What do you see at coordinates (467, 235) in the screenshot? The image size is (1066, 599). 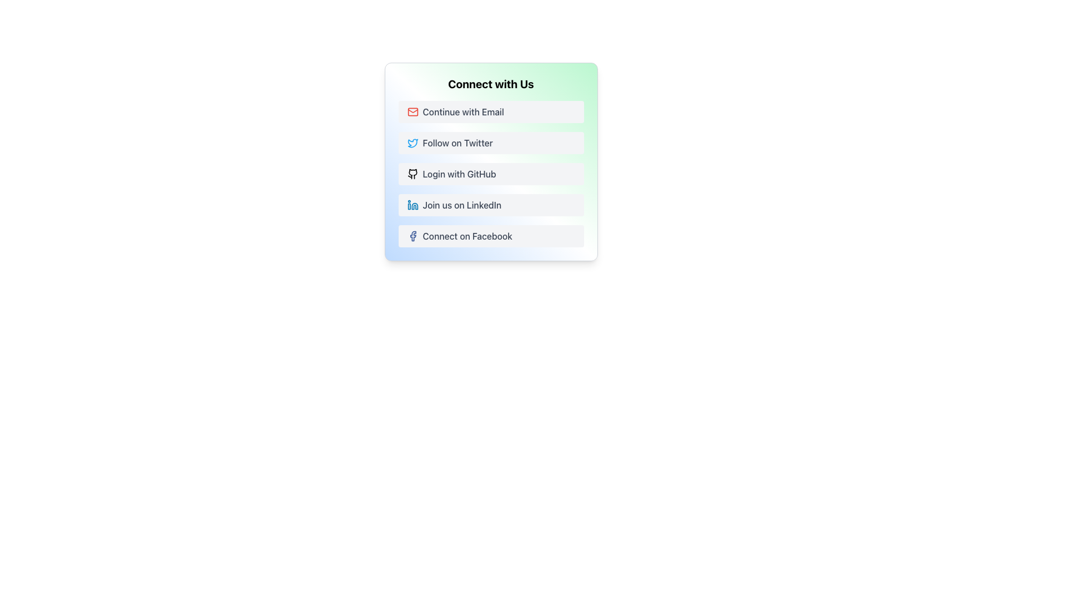 I see `the text label that provides the functionality to connect with a Facebook account, located at the bottom-left of the card` at bounding box center [467, 235].